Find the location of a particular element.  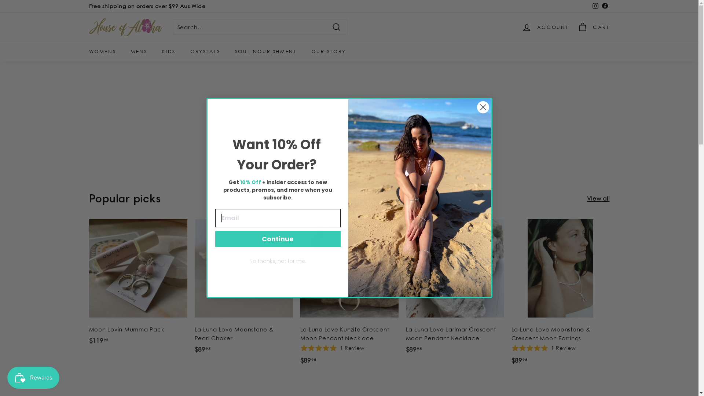

'OUR STORY' is located at coordinates (328, 51).